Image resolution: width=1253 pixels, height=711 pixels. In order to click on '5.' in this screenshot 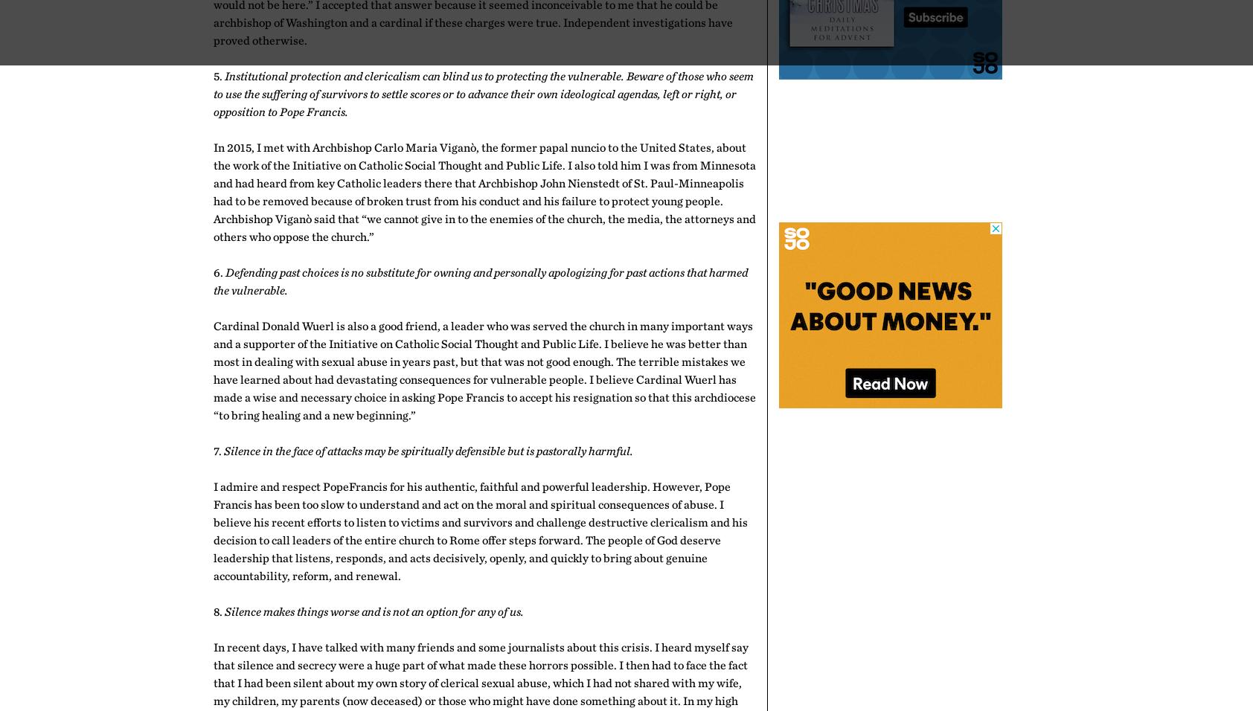, I will do `click(213, 75)`.